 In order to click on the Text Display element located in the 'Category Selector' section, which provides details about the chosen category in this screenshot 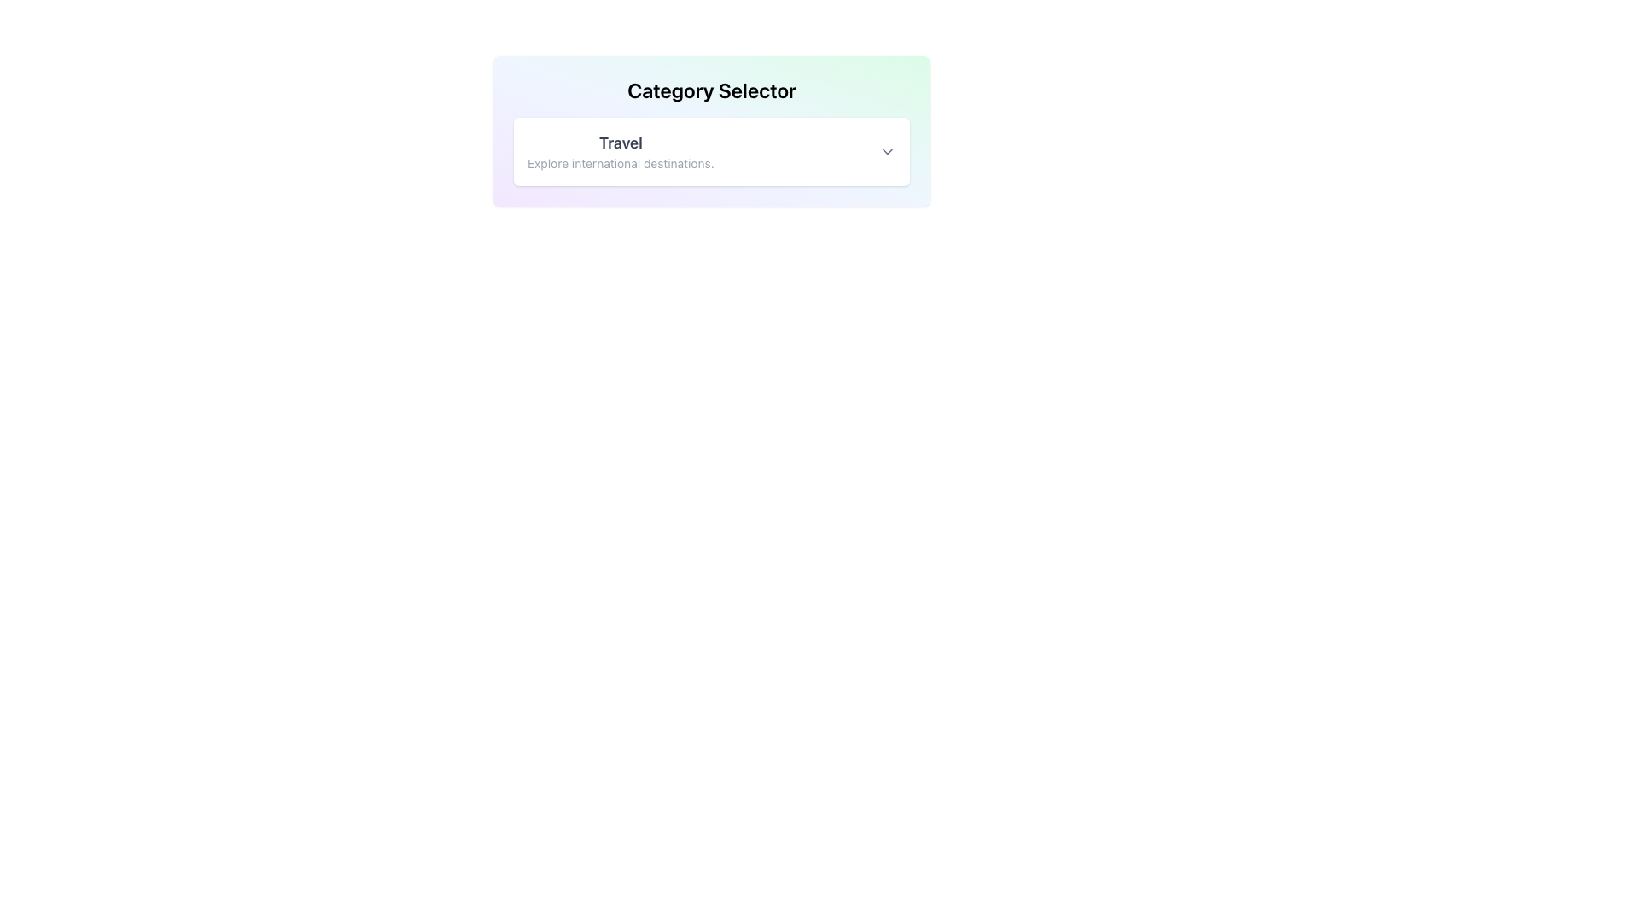, I will do `click(620, 150)`.